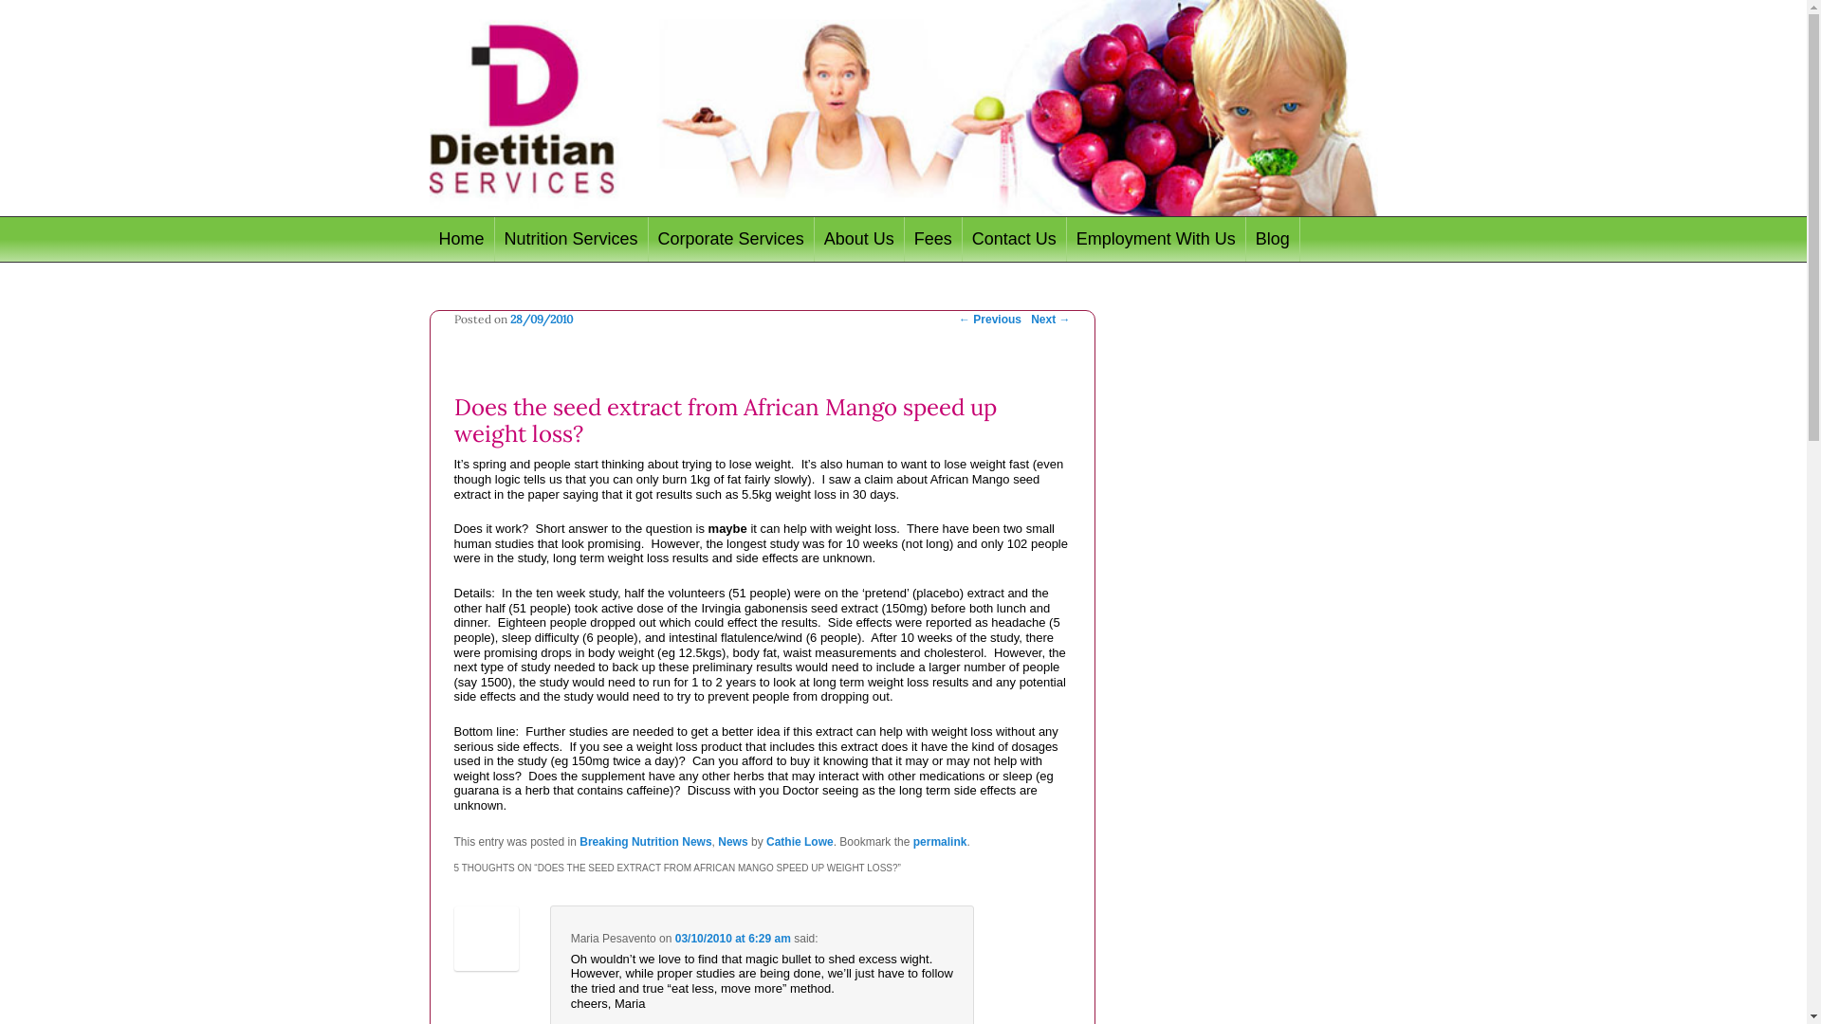 Image resolution: width=1821 pixels, height=1024 pixels. Describe the element at coordinates (800, 840) in the screenshot. I see `'Cathie Lowe'` at that location.